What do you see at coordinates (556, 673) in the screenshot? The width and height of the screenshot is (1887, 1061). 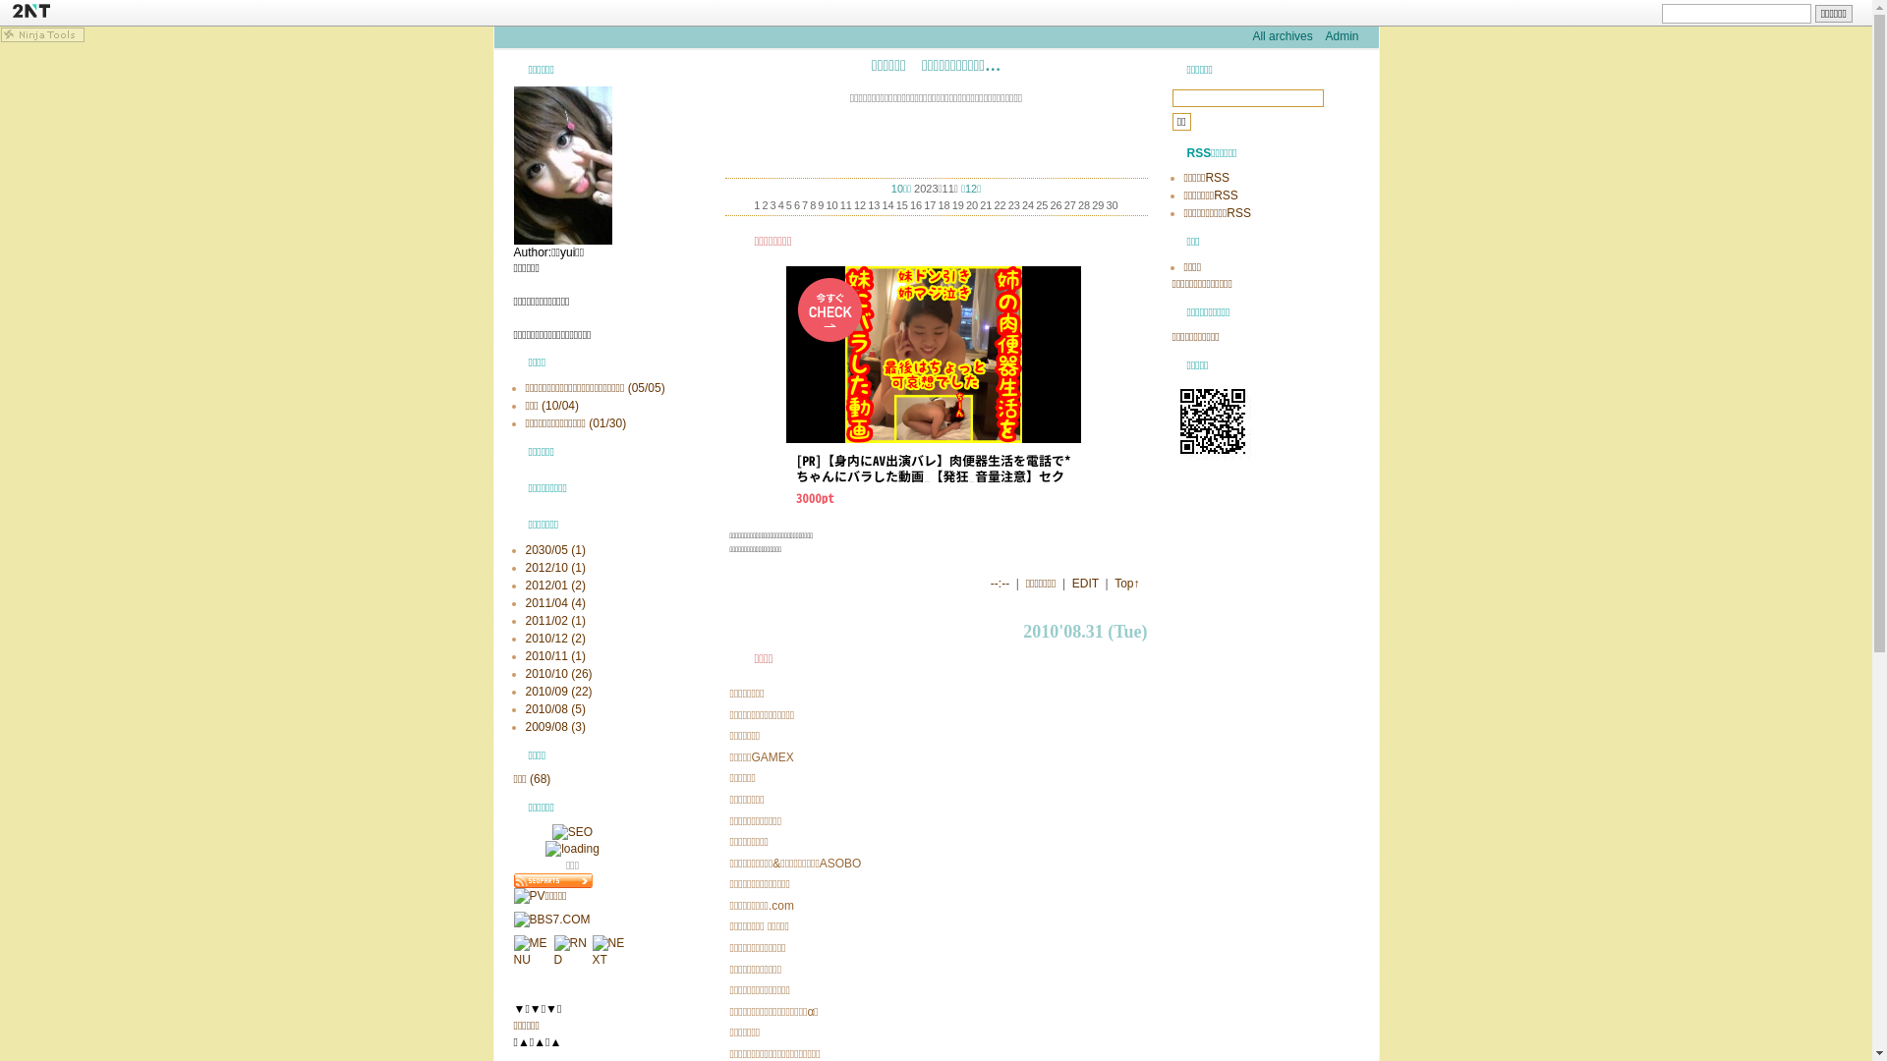 I see `'2010/10 (26)'` at bounding box center [556, 673].